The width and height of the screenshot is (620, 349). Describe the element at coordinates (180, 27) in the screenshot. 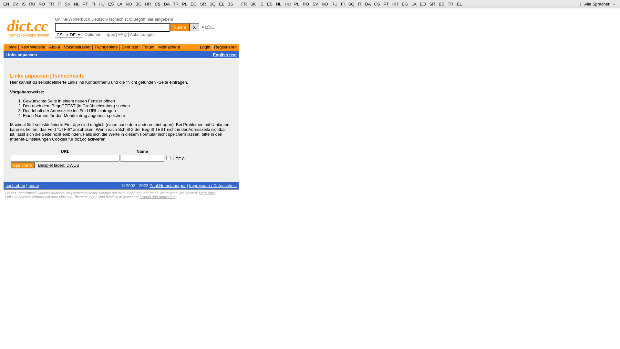

I see `'Suche'` at that location.